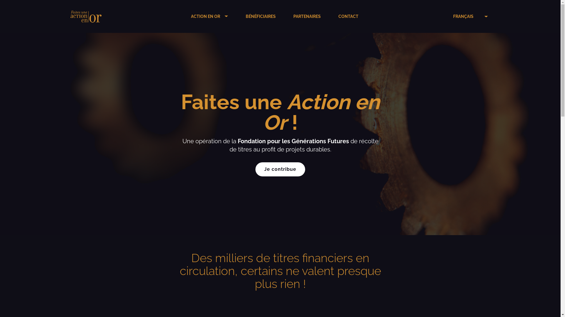 The width and height of the screenshot is (565, 317). What do you see at coordinates (191, 16) in the screenshot?
I see `'ACTION EN OR'` at bounding box center [191, 16].